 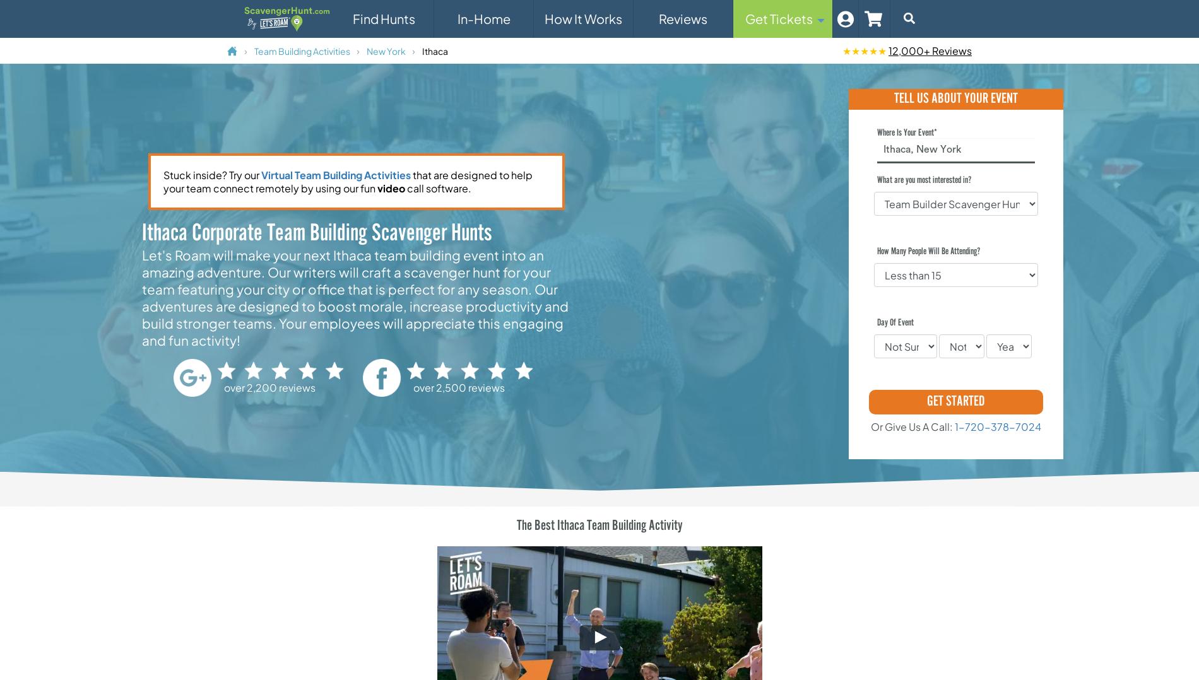 What do you see at coordinates (438, 188) in the screenshot?
I see `'call software.'` at bounding box center [438, 188].